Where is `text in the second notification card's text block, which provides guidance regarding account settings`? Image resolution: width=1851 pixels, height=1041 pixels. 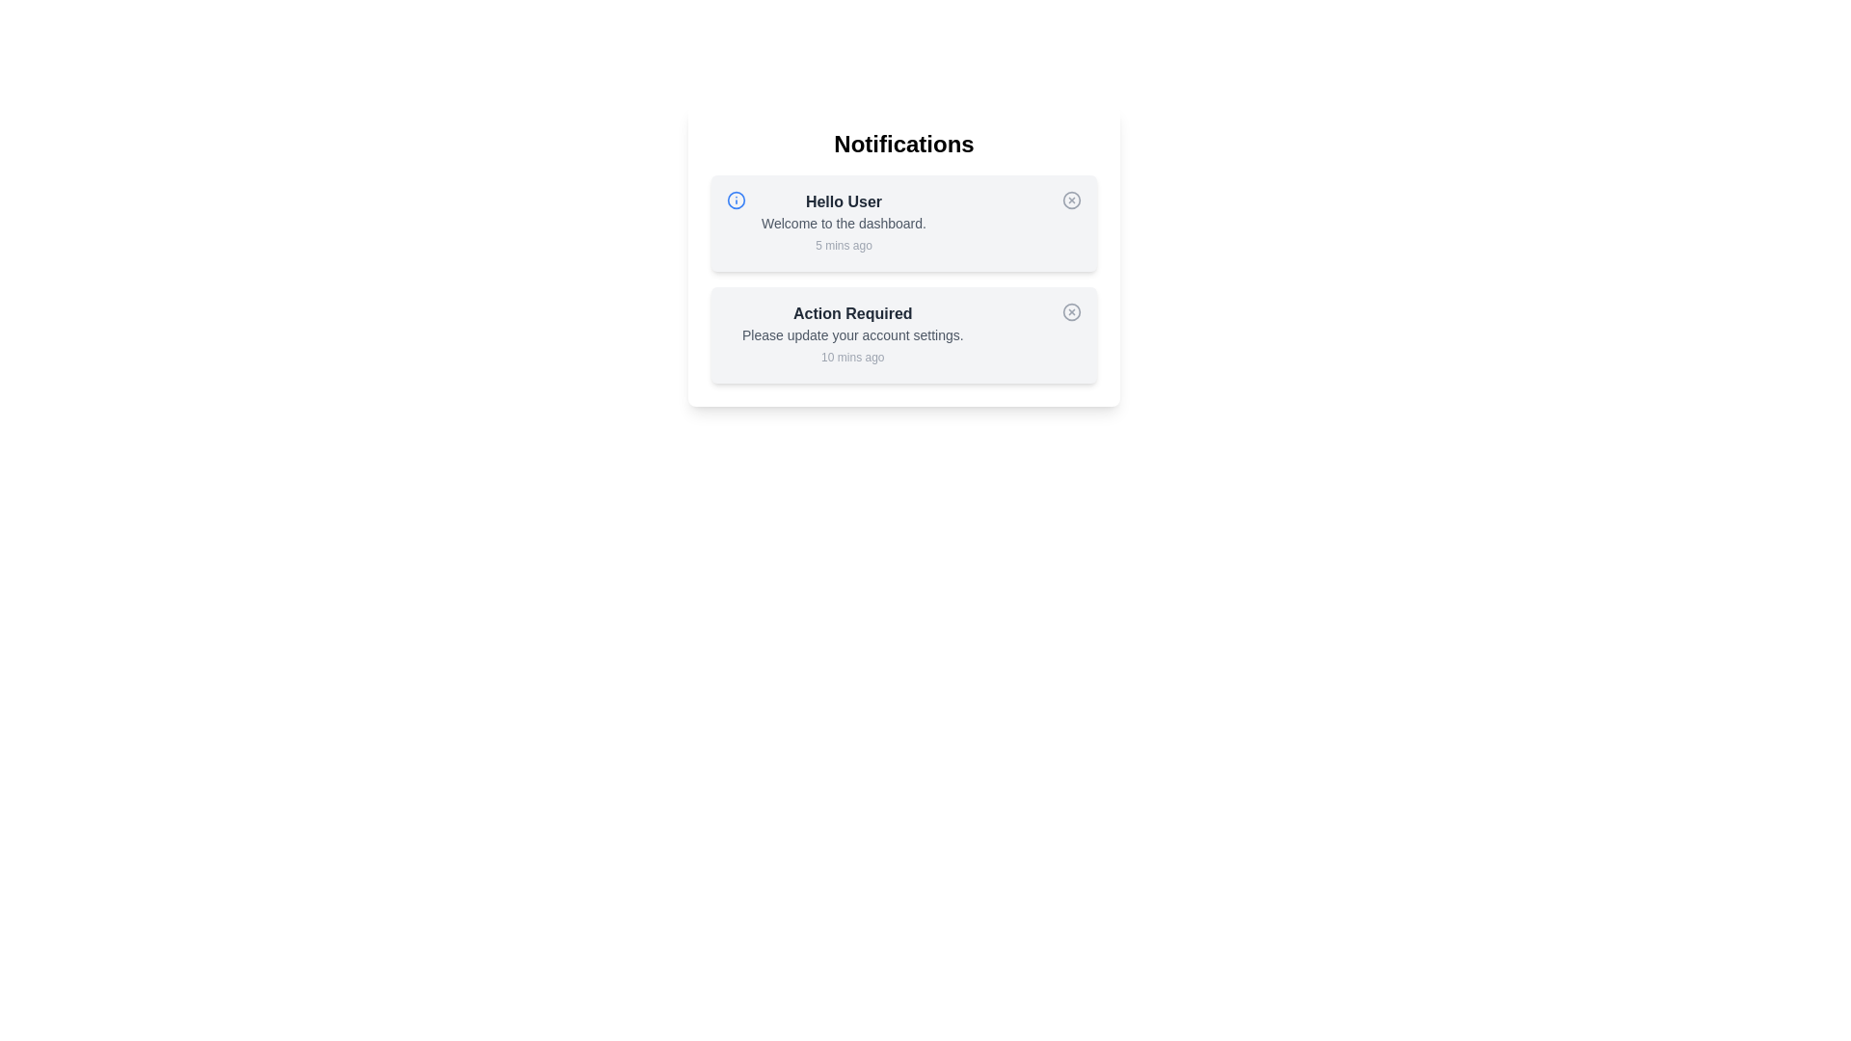 text in the second notification card's text block, which provides guidance regarding account settings is located at coordinates (851, 334).